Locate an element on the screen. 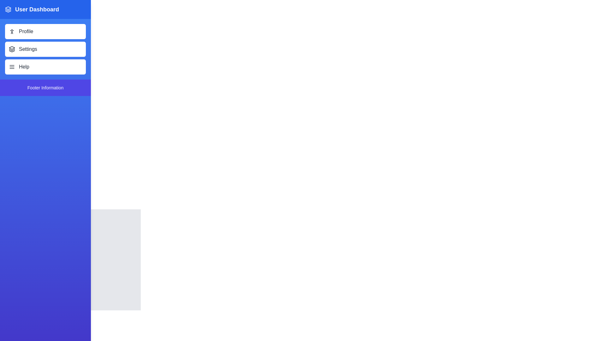  the 'Settings' button, which is a rectangular button with rounded corners located in the sidebar is located at coordinates (45, 49).